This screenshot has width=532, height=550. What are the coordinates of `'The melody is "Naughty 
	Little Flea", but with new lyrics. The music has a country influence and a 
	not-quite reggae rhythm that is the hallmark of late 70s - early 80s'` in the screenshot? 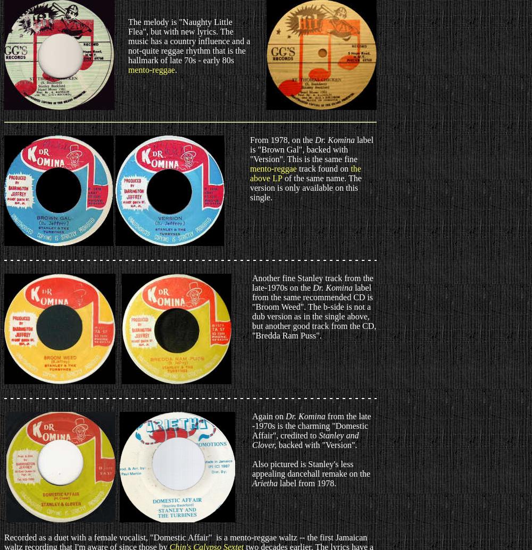 It's located at (188, 41).